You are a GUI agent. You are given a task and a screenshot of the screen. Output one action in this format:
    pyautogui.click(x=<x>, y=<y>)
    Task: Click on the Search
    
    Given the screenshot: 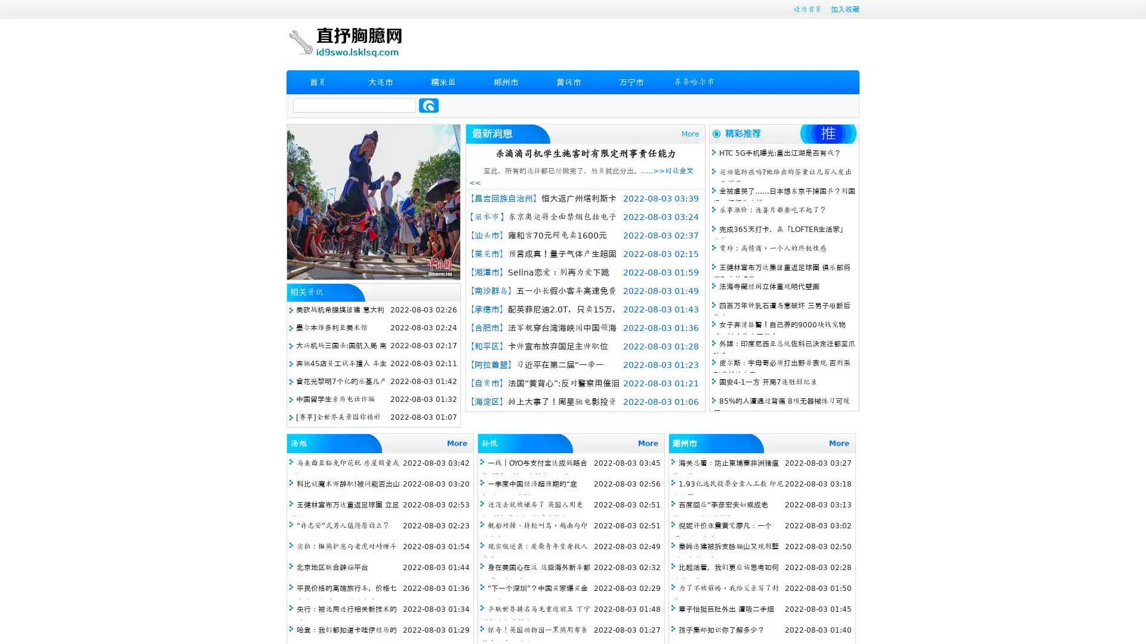 What is the action you would take?
    pyautogui.click(x=429, y=105)
    